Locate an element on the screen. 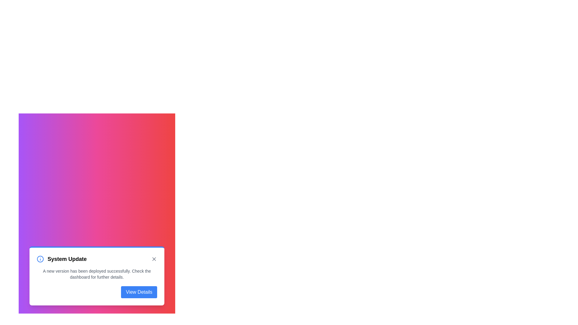 Image resolution: width=578 pixels, height=325 pixels. the 'X' button styled in gray located at the top-right corner of the 'System Update' notification banner is located at coordinates (154, 258).